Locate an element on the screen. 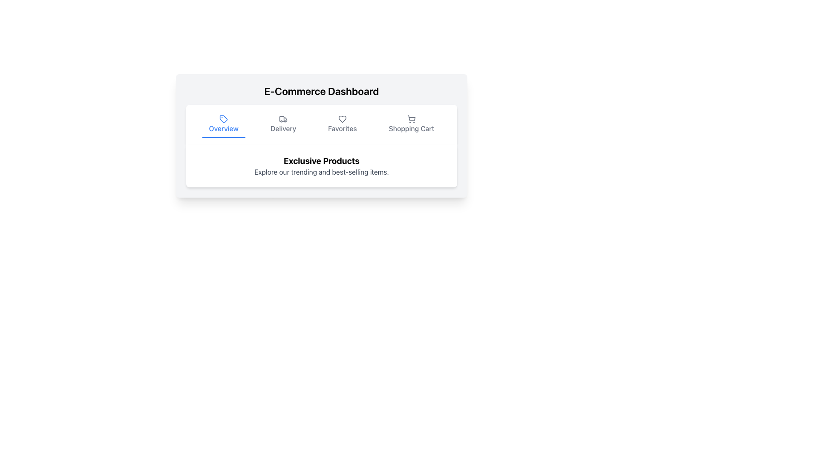 The height and width of the screenshot is (460, 818). the 'Delivery' button located in the top bar menu between the 'Overview' and 'Favorites' buttons is located at coordinates (283, 125).